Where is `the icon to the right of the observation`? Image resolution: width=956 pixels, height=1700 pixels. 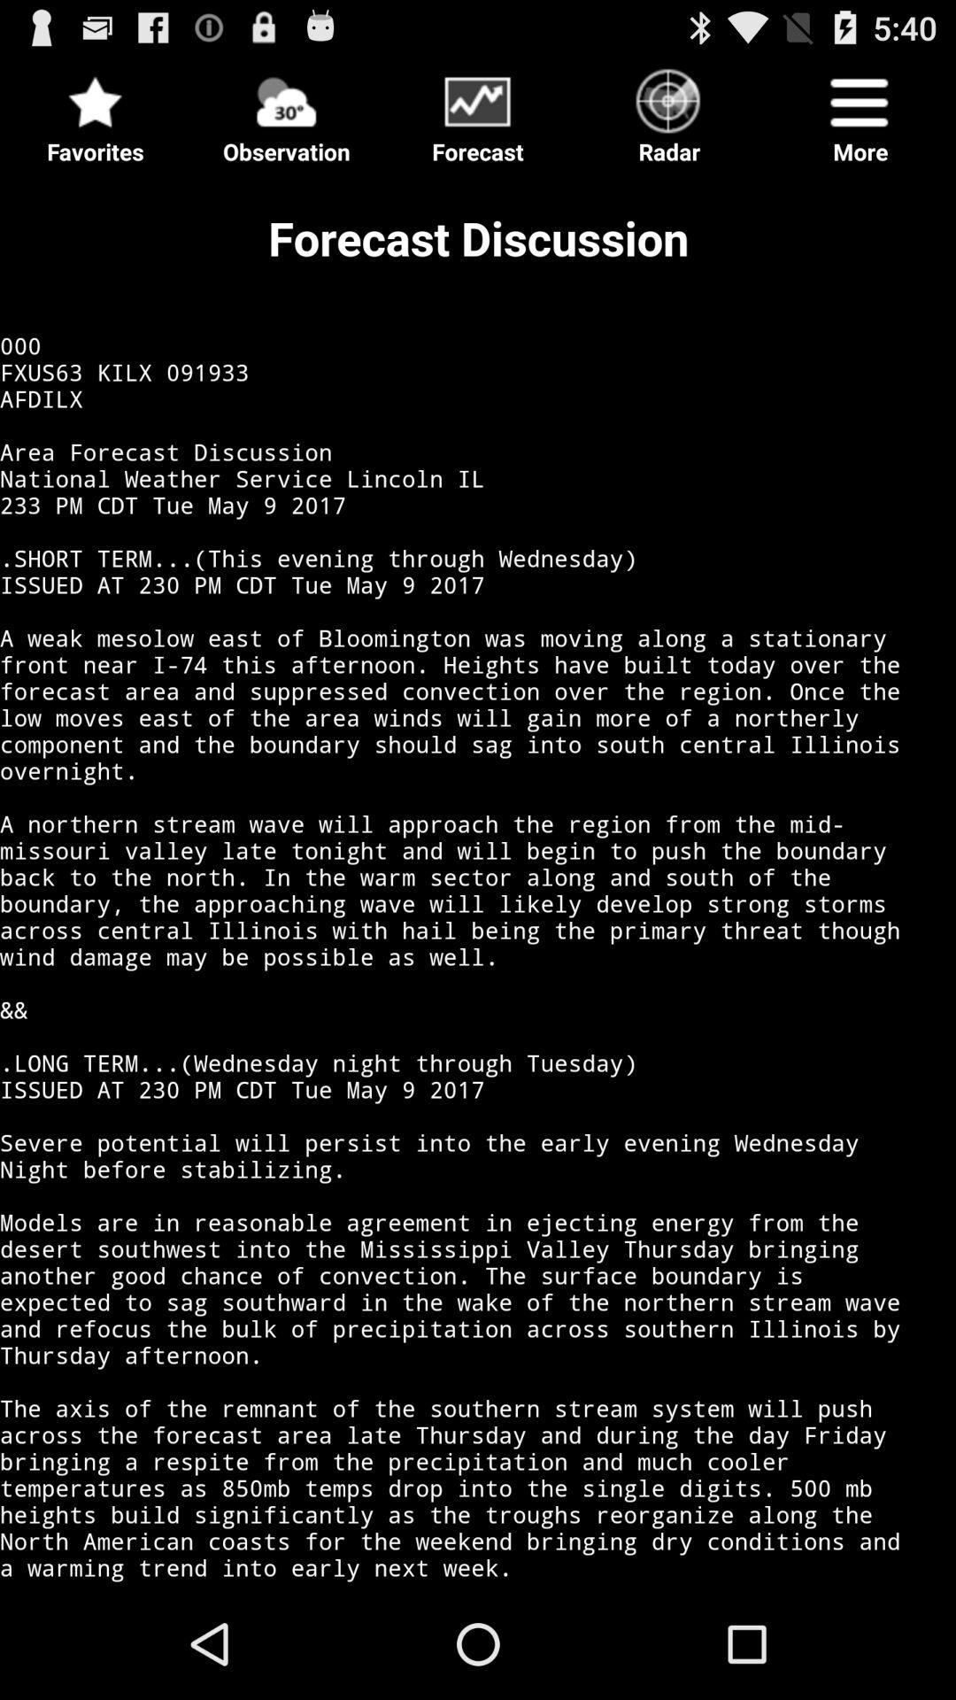 the icon to the right of the observation is located at coordinates (478, 110).